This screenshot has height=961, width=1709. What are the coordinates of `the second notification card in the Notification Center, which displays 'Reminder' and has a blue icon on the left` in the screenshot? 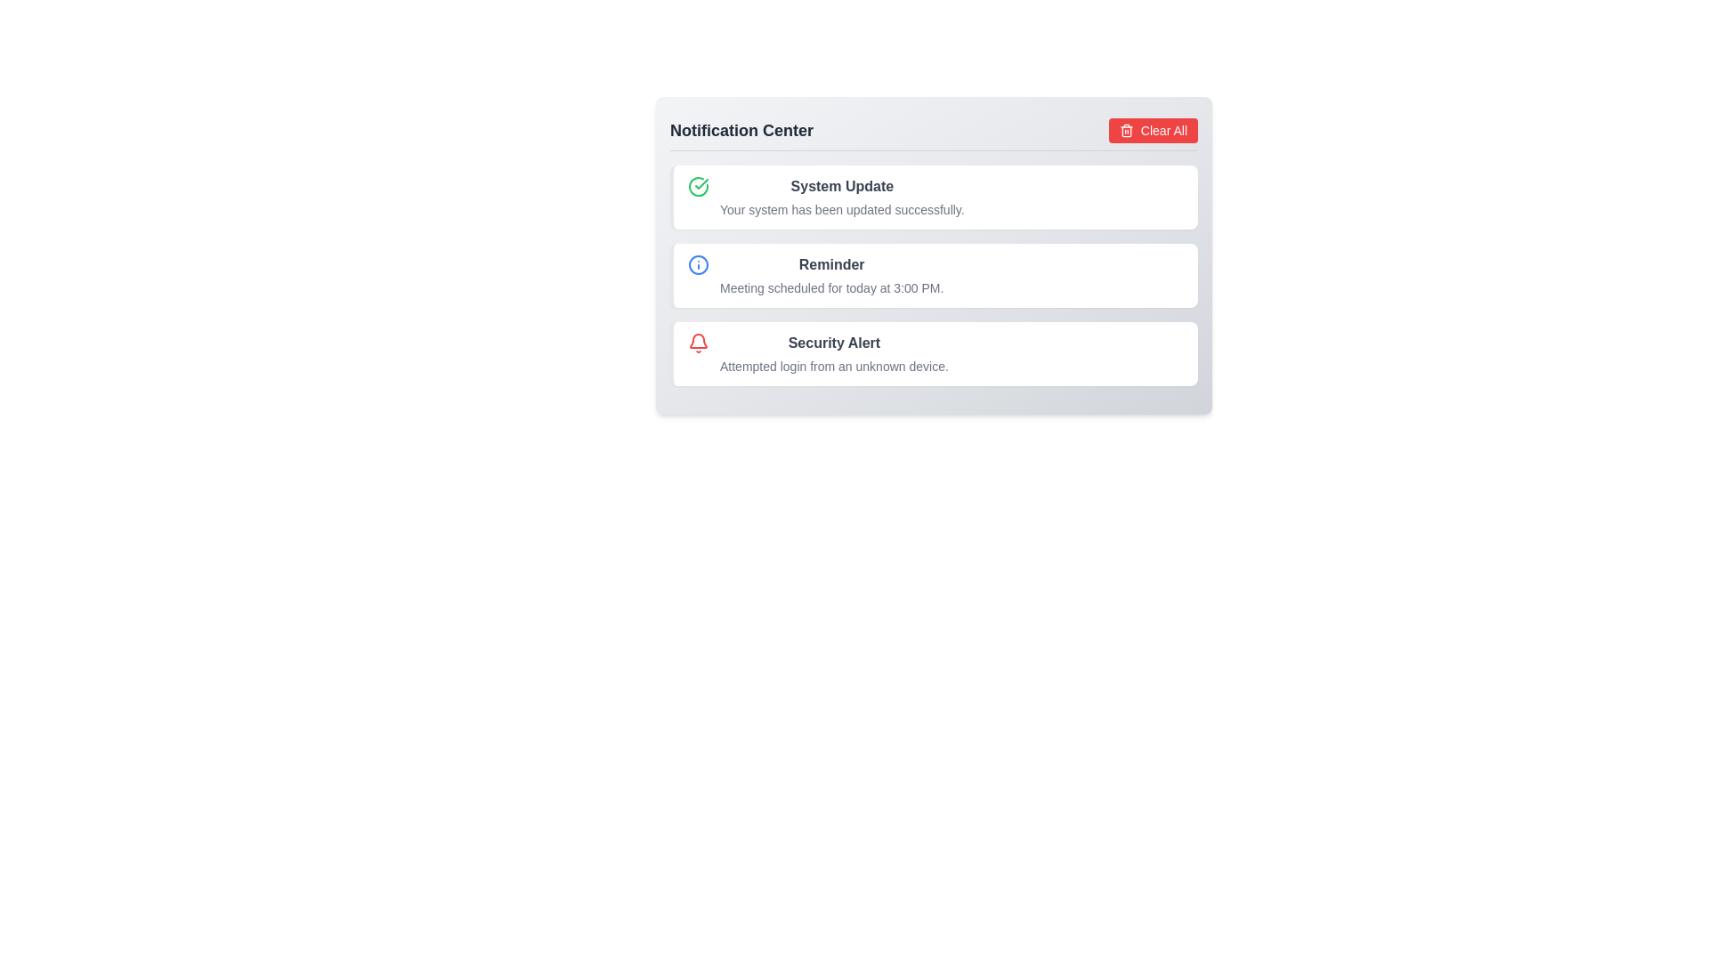 It's located at (933, 275).